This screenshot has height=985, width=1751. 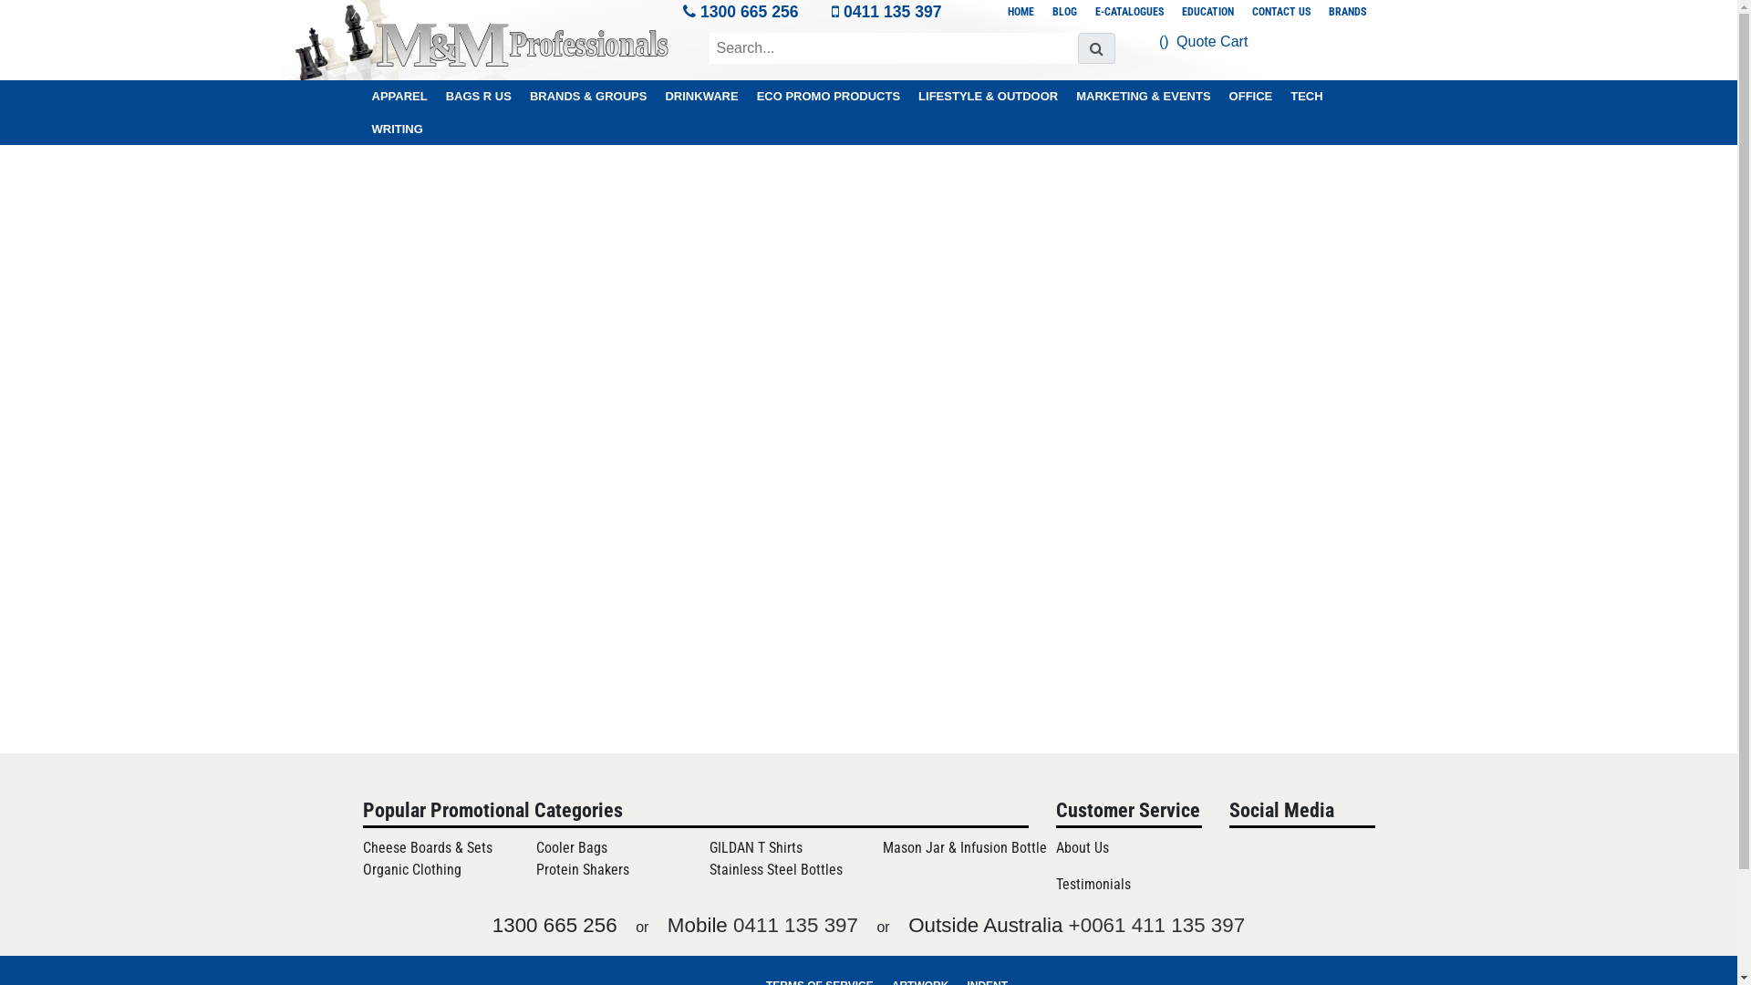 I want to click on 'LIFESTYLE & OUTDOOR', so click(x=987, y=96).